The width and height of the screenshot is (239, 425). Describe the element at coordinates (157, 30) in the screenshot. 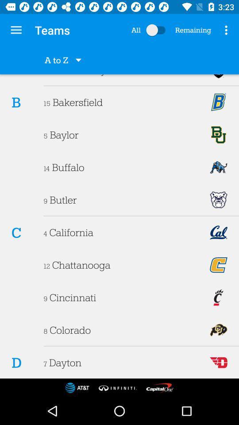

I see `push for selec all` at that location.